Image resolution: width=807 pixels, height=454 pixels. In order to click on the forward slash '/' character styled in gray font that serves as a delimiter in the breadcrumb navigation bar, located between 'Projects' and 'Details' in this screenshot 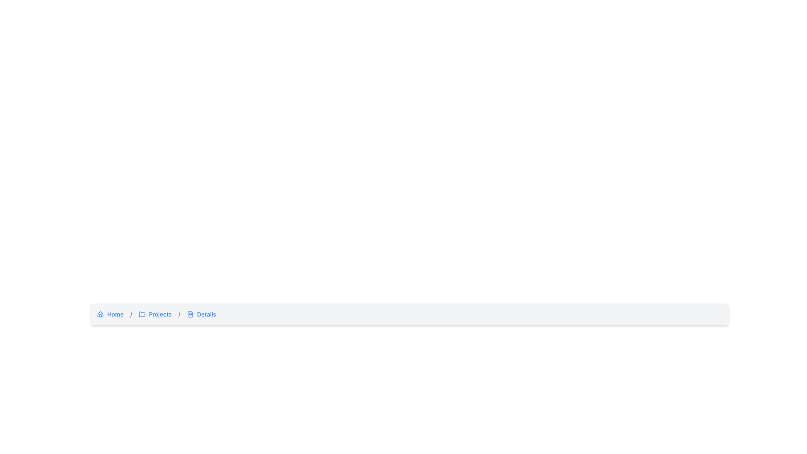, I will do `click(179, 314)`.